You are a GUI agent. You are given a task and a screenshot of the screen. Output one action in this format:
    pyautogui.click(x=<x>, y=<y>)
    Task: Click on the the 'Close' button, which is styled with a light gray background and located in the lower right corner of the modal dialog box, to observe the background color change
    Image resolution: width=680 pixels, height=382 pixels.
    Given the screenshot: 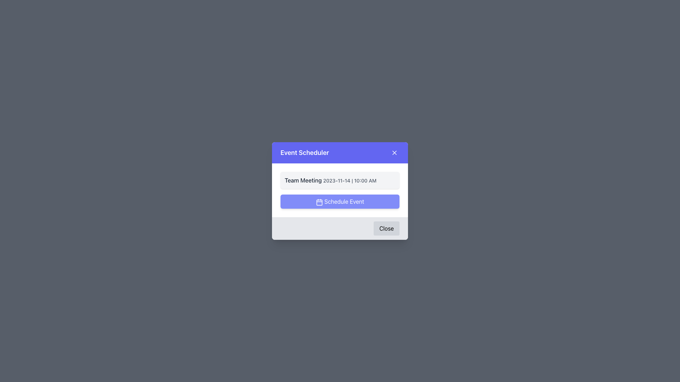 What is the action you would take?
    pyautogui.click(x=386, y=228)
    